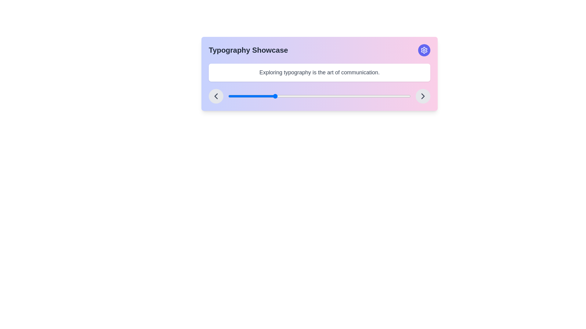  What do you see at coordinates (424, 50) in the screenshot?
I see `the settings icon located in the top-right corner of the rectangular card interface` at bounding box center [424, 50].